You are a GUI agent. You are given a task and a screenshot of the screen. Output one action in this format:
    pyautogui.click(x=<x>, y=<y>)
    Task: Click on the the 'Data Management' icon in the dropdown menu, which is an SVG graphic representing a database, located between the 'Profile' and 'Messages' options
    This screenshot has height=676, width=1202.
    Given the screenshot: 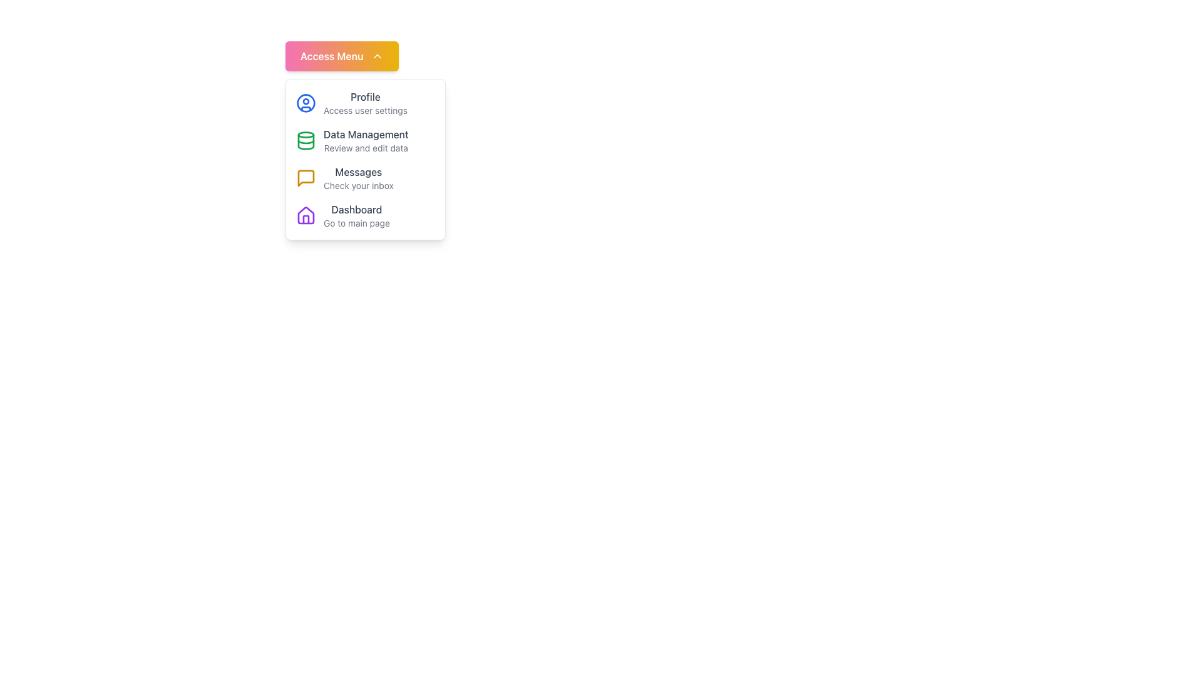 What is the action you would take?
    pyautogui.click(x=306, y=141)
    